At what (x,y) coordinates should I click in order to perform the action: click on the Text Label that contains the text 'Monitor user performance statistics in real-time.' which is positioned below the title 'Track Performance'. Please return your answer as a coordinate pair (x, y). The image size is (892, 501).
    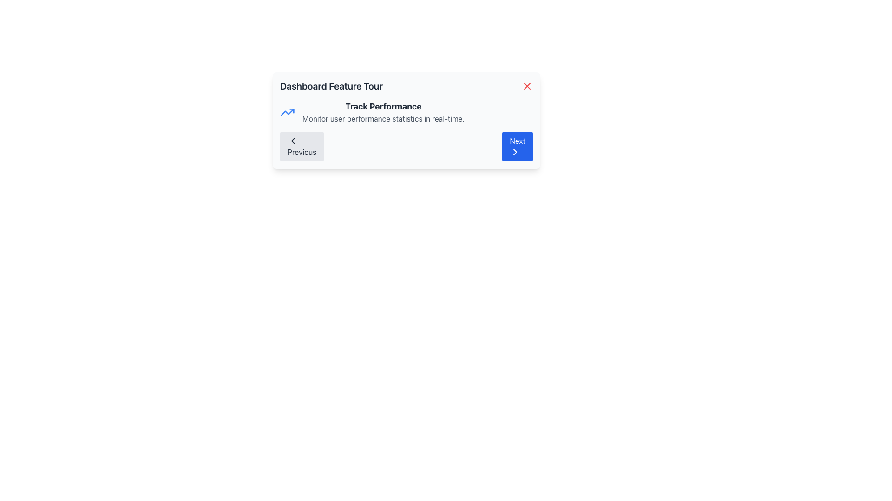
    Looking at the image, I should click on (383, 118).